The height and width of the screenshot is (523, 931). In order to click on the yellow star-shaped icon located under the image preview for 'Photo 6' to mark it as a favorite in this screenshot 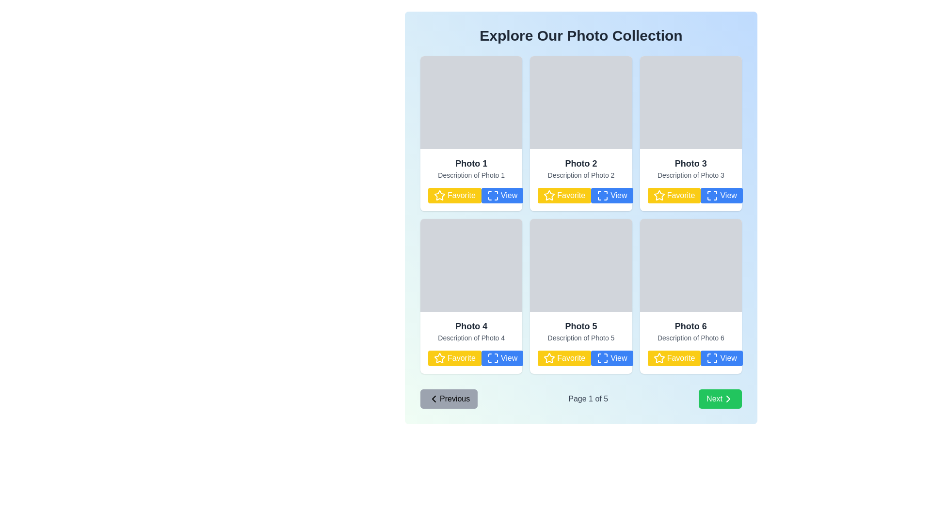, I will do `click(658, 358)`.